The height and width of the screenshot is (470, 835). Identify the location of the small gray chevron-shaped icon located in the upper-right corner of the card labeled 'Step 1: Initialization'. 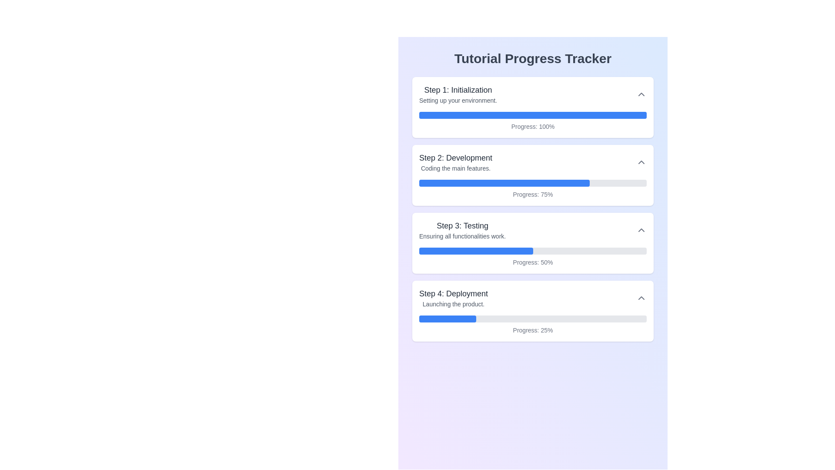
(641, 94).